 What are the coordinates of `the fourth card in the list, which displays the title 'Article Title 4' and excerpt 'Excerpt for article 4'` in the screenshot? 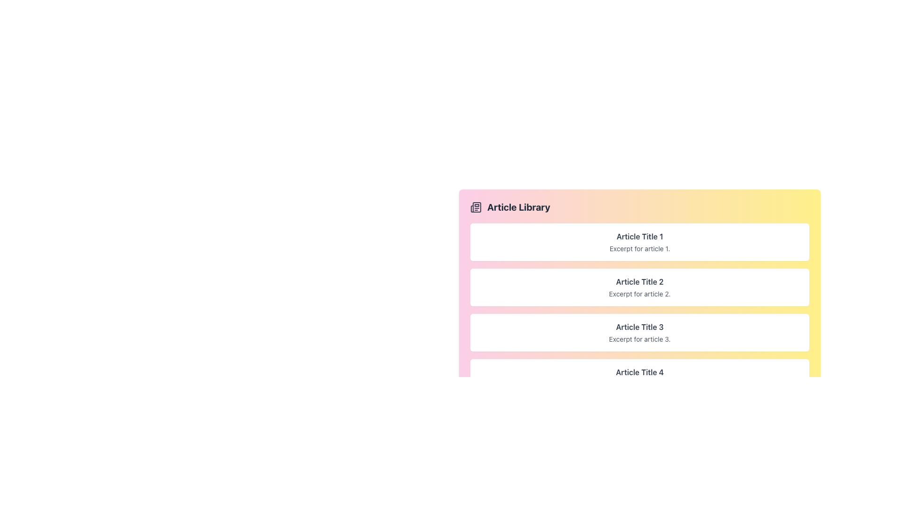 It's located at (639, 378).